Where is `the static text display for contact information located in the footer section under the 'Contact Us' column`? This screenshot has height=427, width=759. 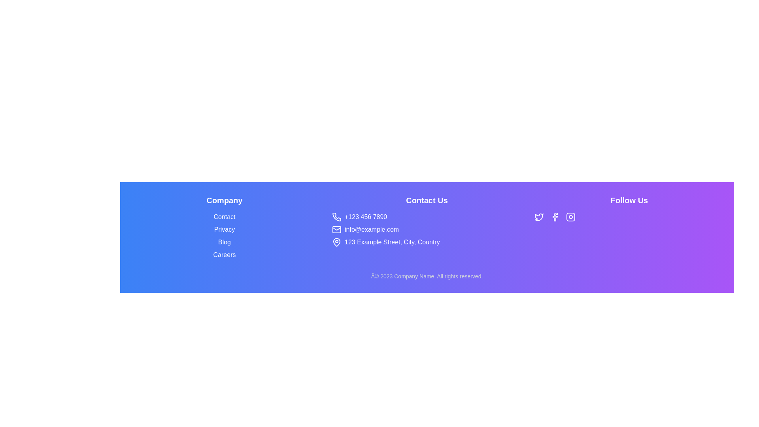 the static text display for contact information located in the footer section under the 'Contact Us' column is located at coordinates (371, 230).